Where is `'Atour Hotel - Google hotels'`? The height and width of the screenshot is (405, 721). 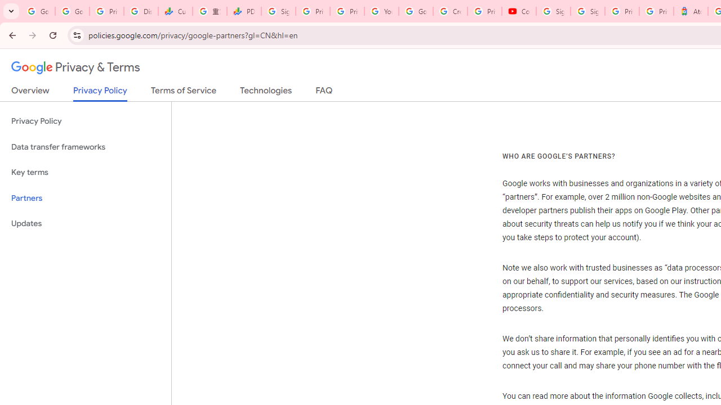
'Atour Hotel - Google hotels' is located at coordinates (690, 11).